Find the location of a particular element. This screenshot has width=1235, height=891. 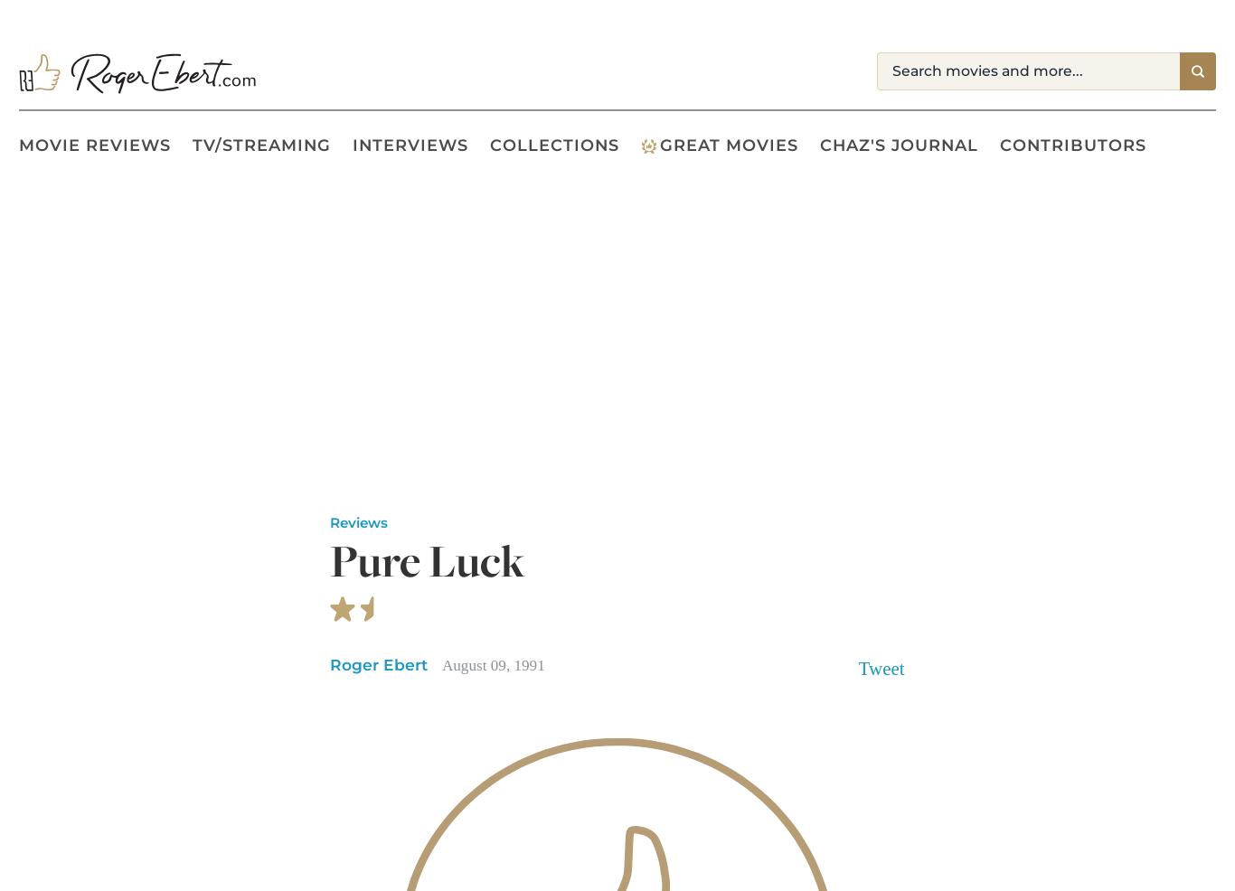

'Pure Luck' is located at coordinates (428, 560).